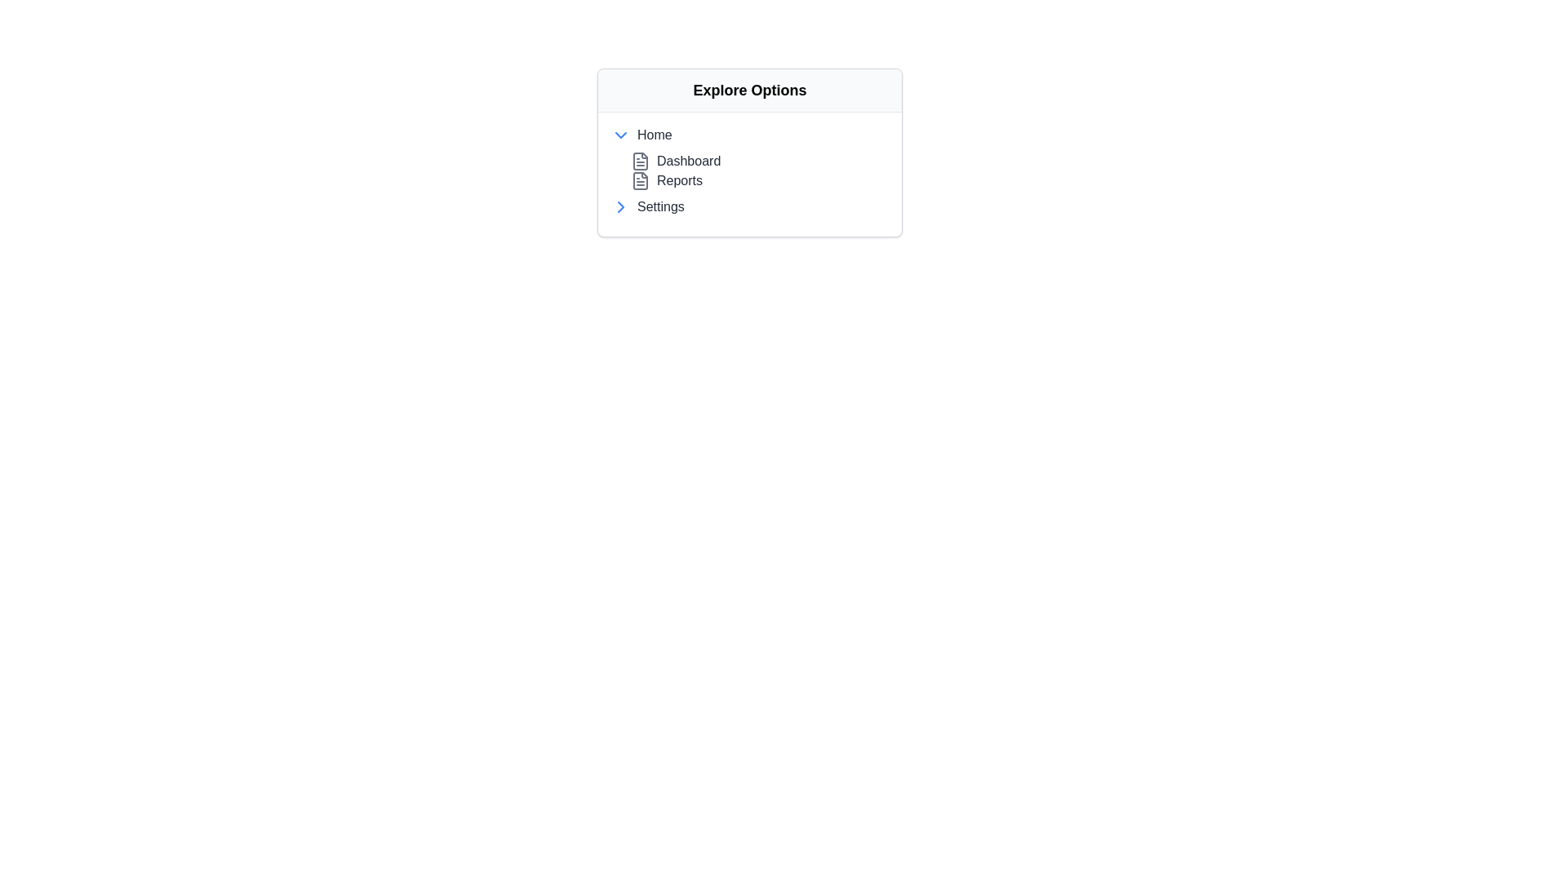  Describe the element at coordinates (748, 157) in the screenshot. I see `the 'Dashboard' entry in the navigable list located under 'Explore Options'` at that location.